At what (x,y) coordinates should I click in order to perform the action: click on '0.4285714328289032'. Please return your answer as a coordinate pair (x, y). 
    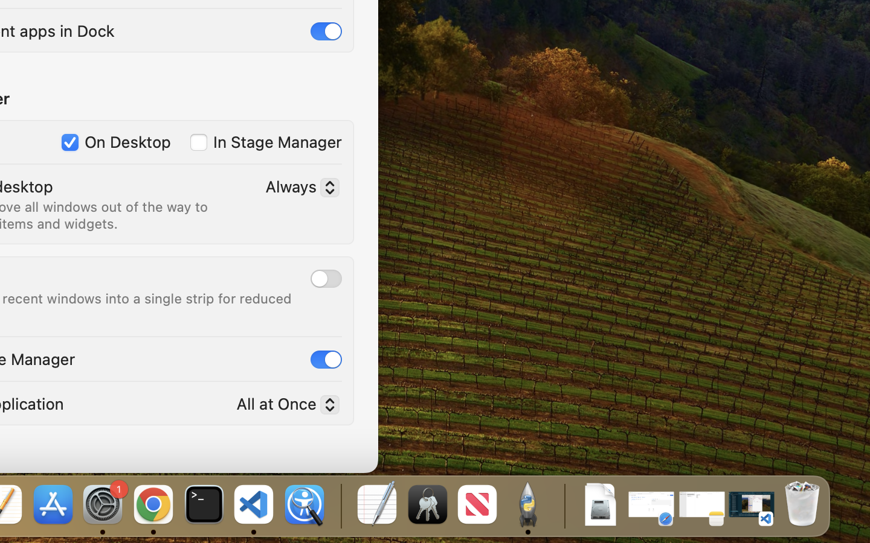
    Looking at the image, I should click on (340, 505).